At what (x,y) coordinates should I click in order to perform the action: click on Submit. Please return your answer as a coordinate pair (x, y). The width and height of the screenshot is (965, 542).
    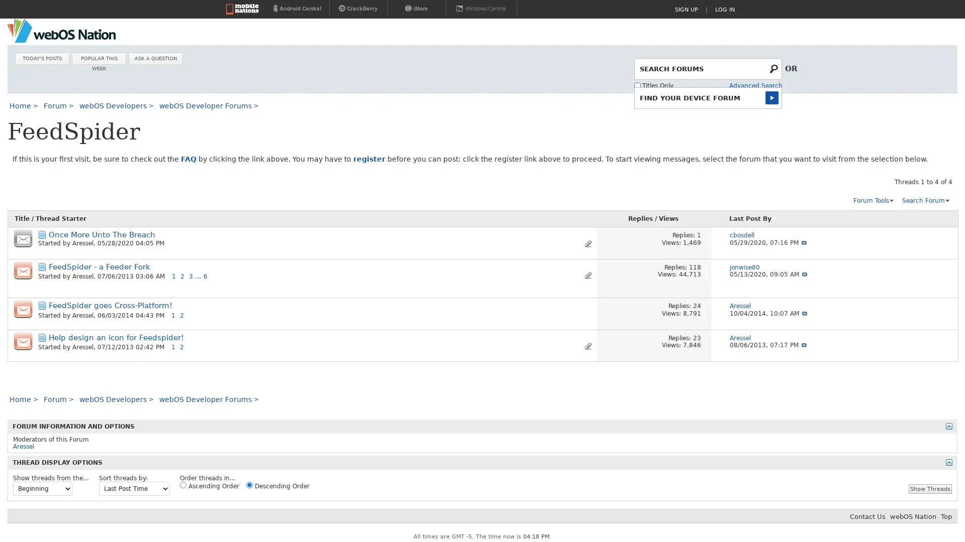
    Looking at the image, I should click on (774, 68).